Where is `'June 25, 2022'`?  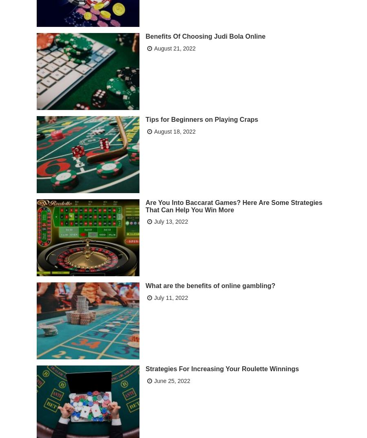
'June 25, 2022' is located at coordinates (172, 380).